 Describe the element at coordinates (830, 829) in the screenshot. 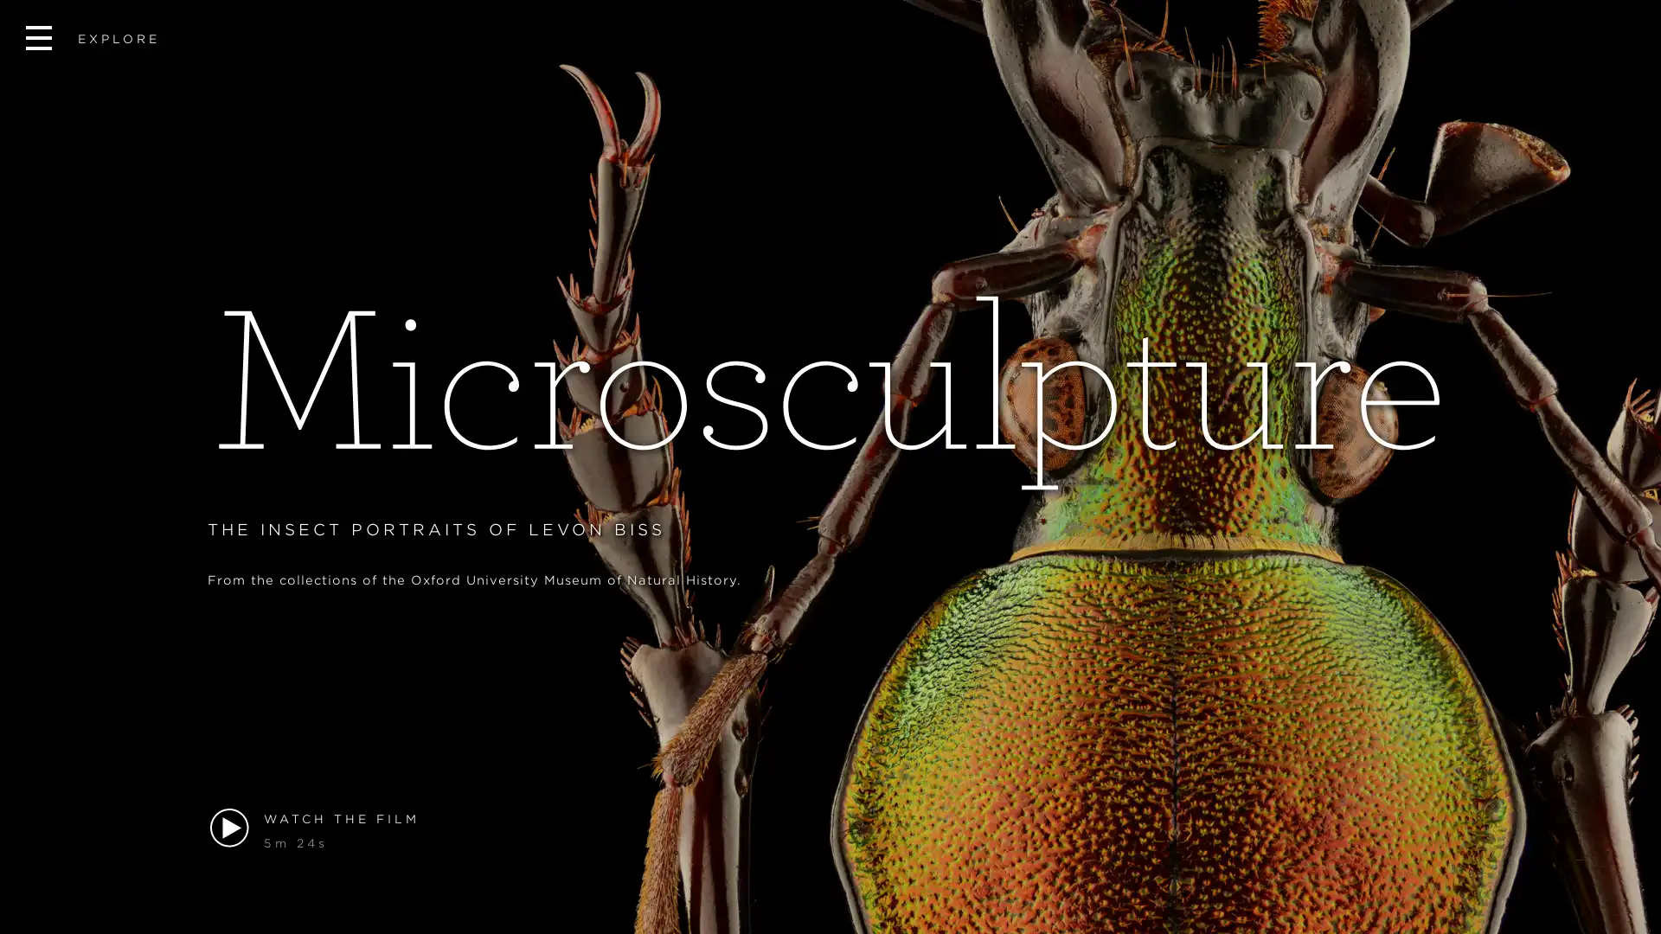

I see `WATCH THE FILM 5m 24s` at that location.